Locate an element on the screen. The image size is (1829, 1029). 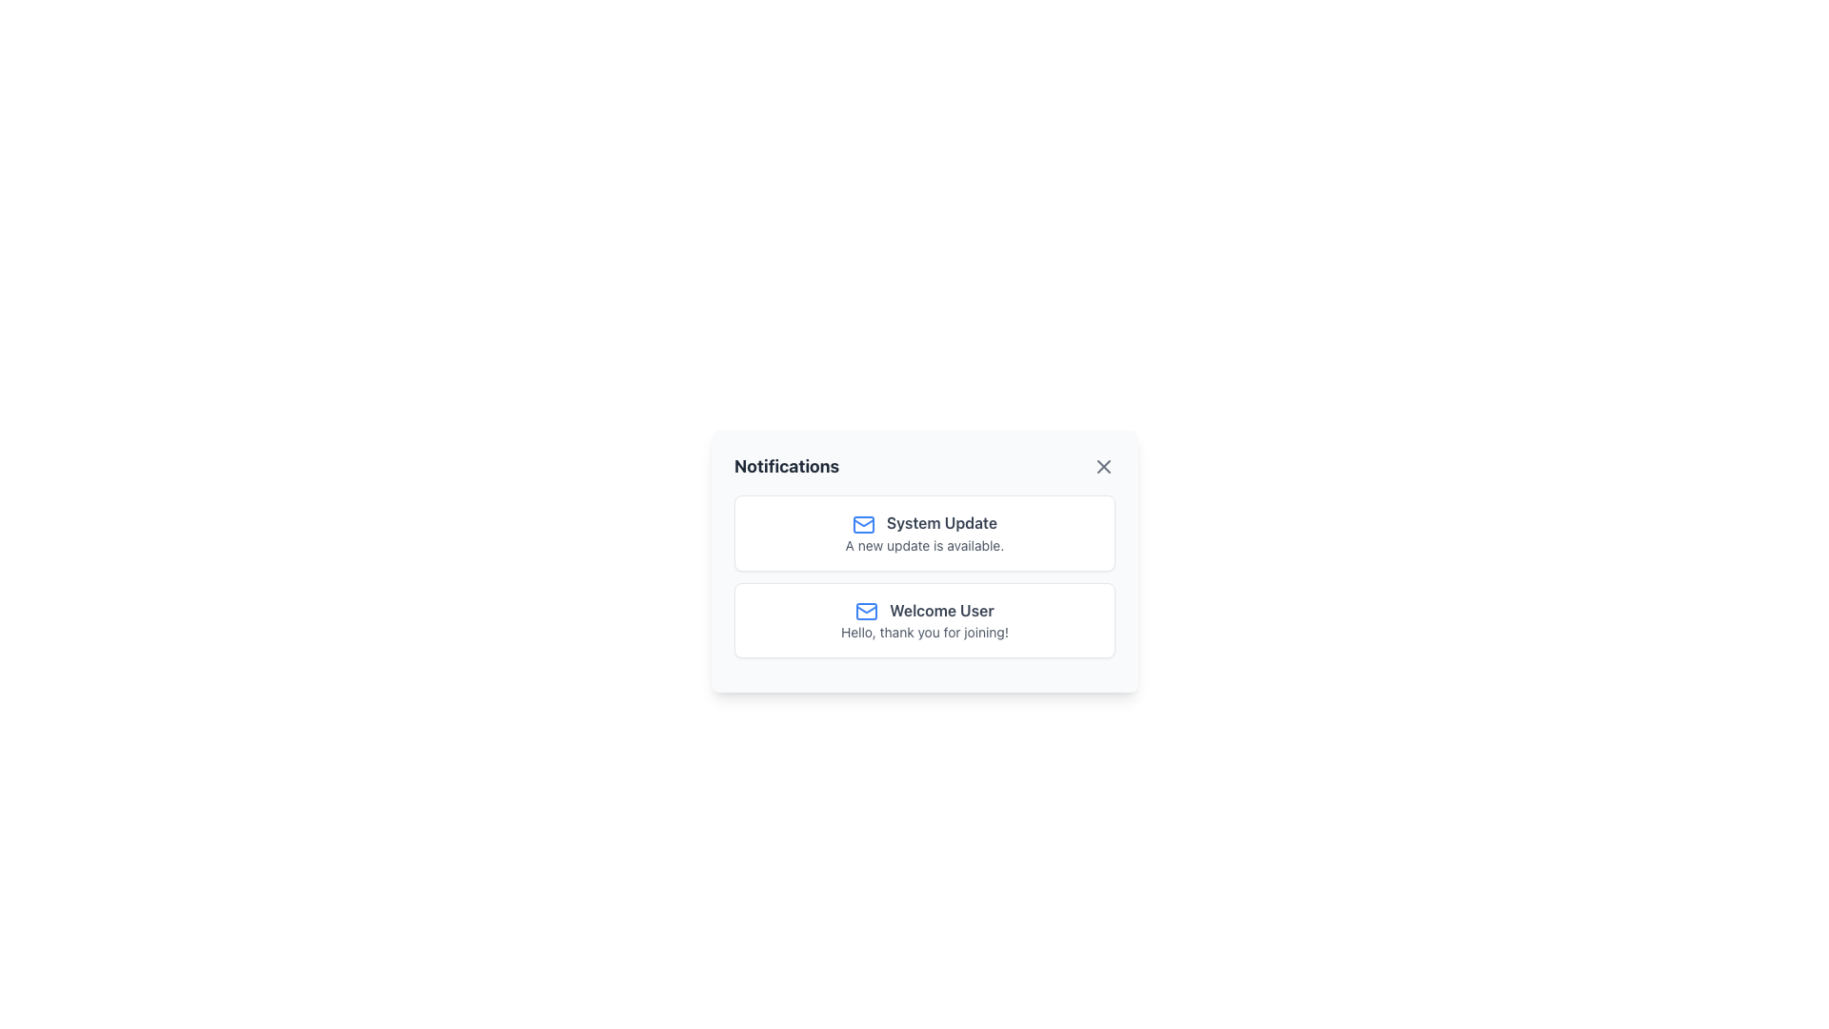
the Close button element, which is part of the 'X' symbol located at the top-right corner of the notification panel is located at coordinates (1103, 466).